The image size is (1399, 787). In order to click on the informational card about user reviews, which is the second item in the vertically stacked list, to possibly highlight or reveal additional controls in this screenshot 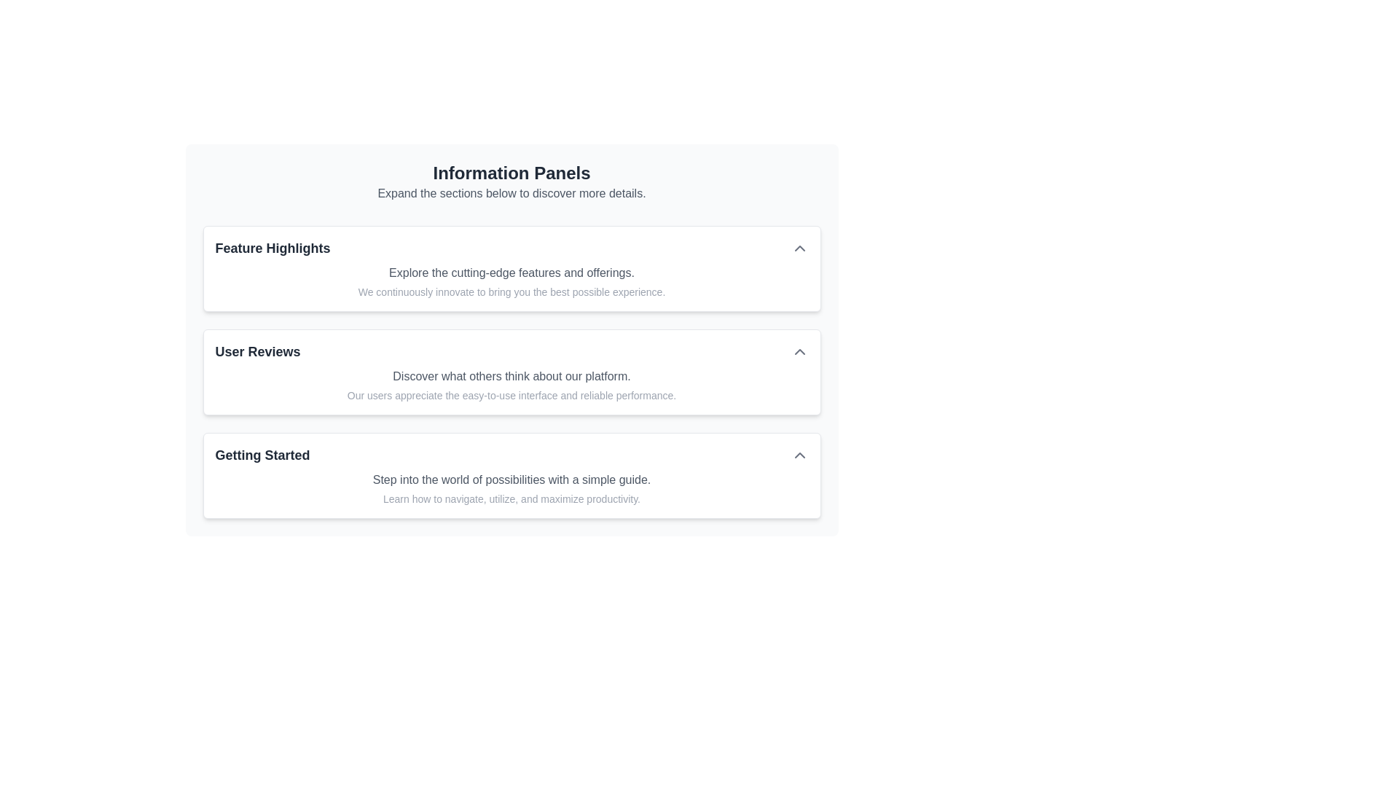, I will do `click(512, 340)`.